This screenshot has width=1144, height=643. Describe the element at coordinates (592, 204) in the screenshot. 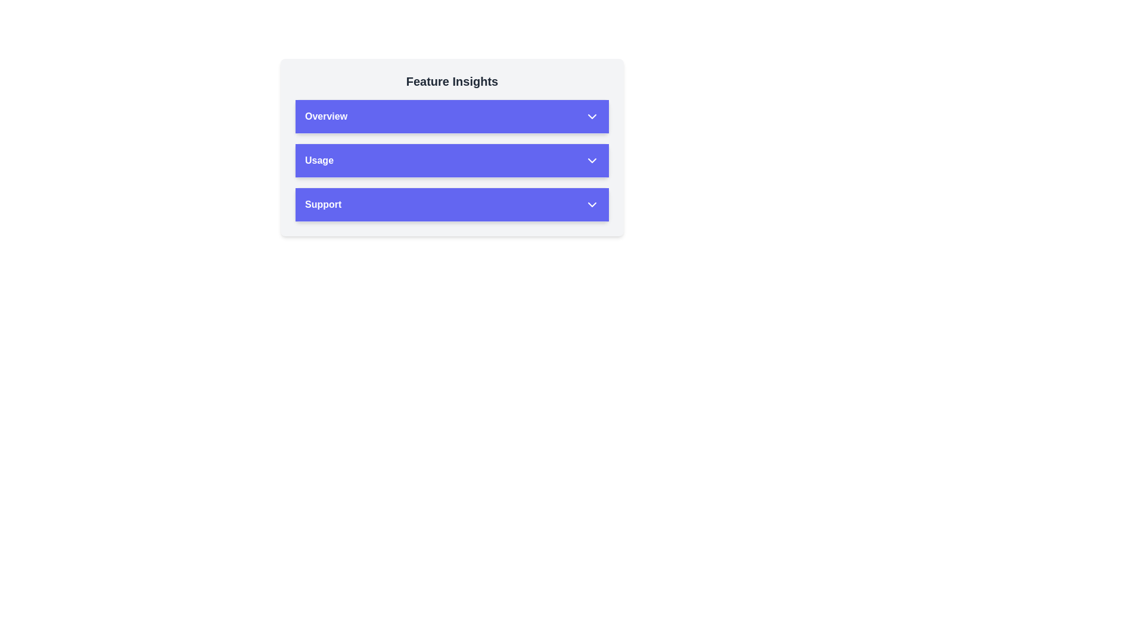

I see `the chevron icon within the blue 'Support' button` at that location.